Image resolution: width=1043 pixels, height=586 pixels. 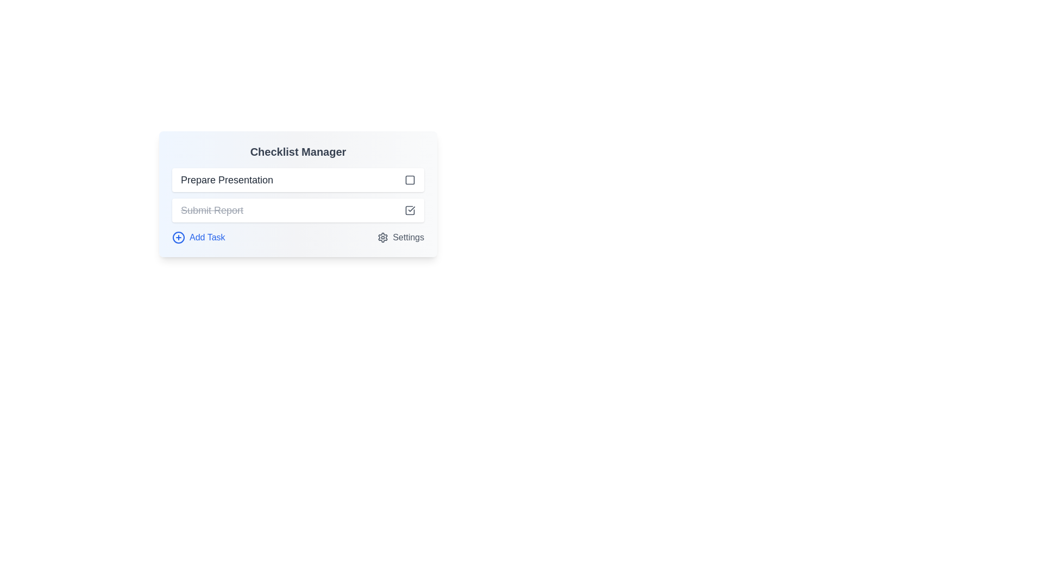 What do you see at coordinates (179, 237) in the screenshot?
I see `the add task button icon located in the bottom-left corner of the interface, which precedes the text 'Add Task'` at bounding box center [179, 237].